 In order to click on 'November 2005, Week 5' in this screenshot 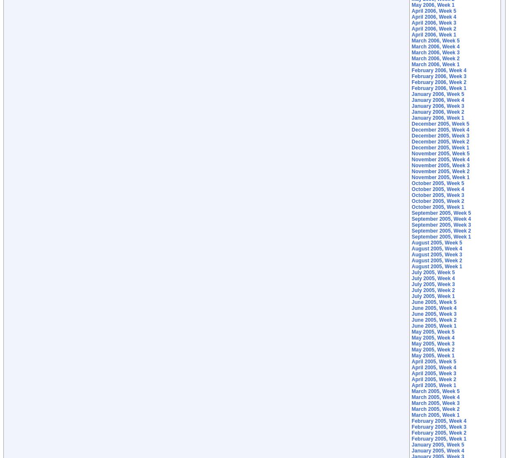, I will do `click(440, 154)`.